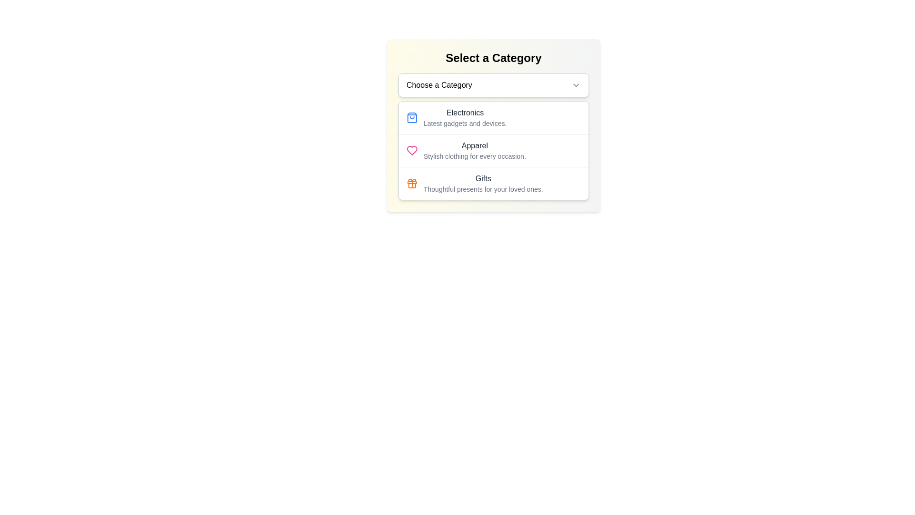 The image size is (915, 515). Describe the element at coordinates (412, 150) in the screenshot. I see `the heart-shaped icon with a pink outline located in the Apparel section of the category selection dropdown` at that location.